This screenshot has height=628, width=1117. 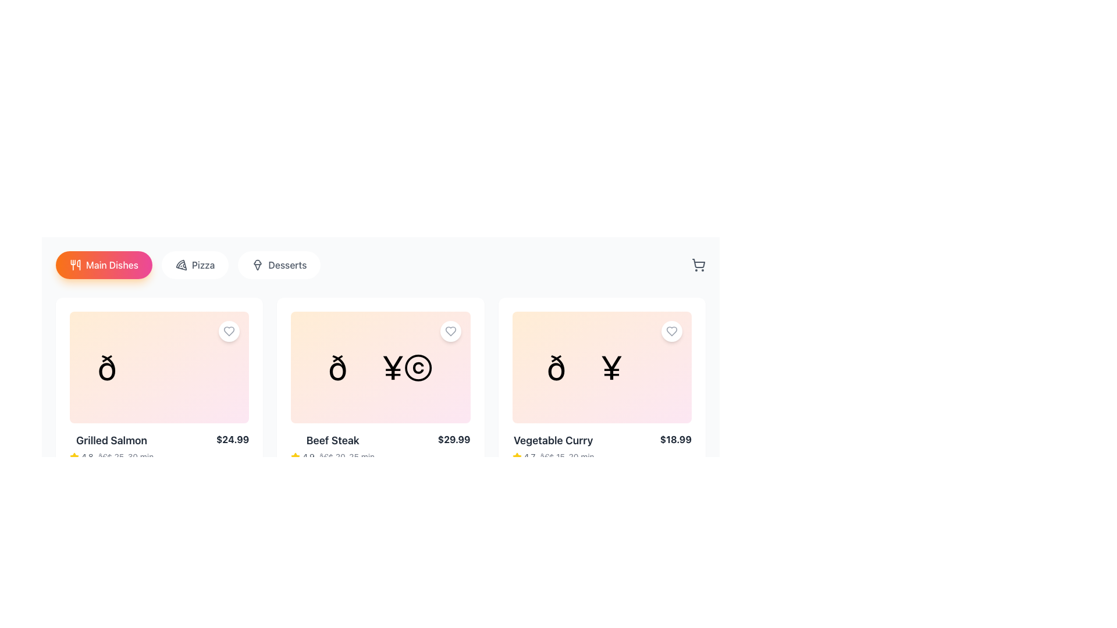 What do you see at coordinates (553, 447) in the screenshot?
I see `the text label displaying 'Vegetable Curry' with a rating of '4.7' and an estimated time of '15-20 min', which is located in the third card of food items` at bounding box center [553, 447].